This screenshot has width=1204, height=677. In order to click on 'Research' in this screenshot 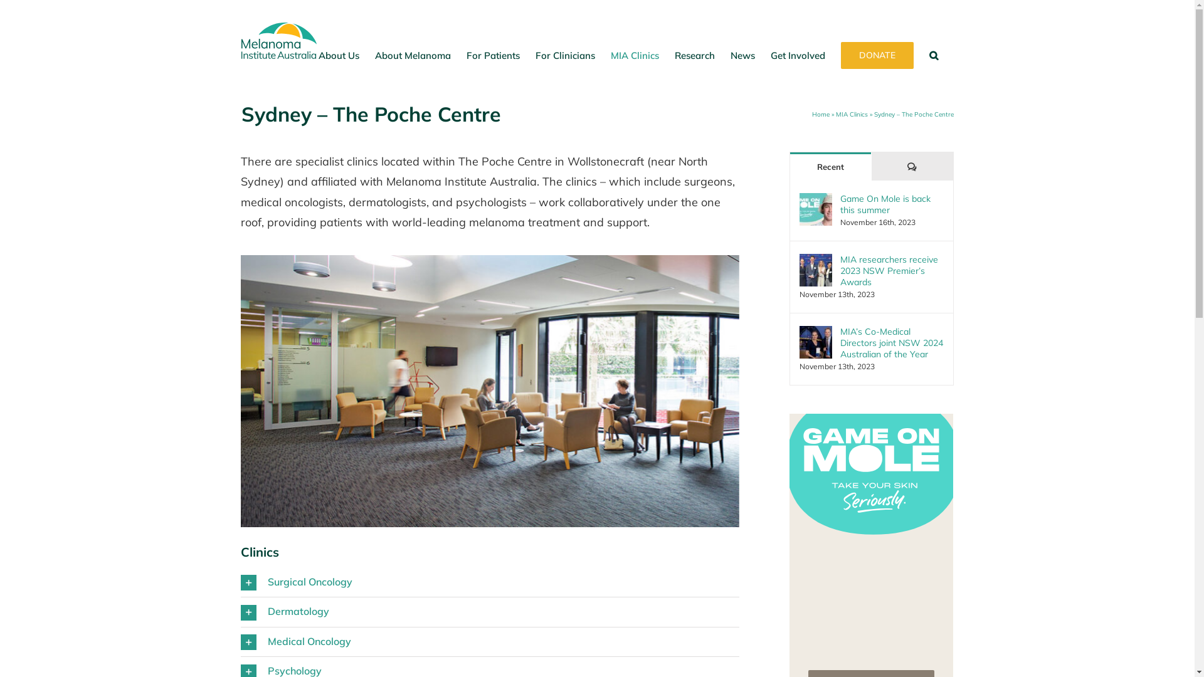, I will do `click(694, 55)`.